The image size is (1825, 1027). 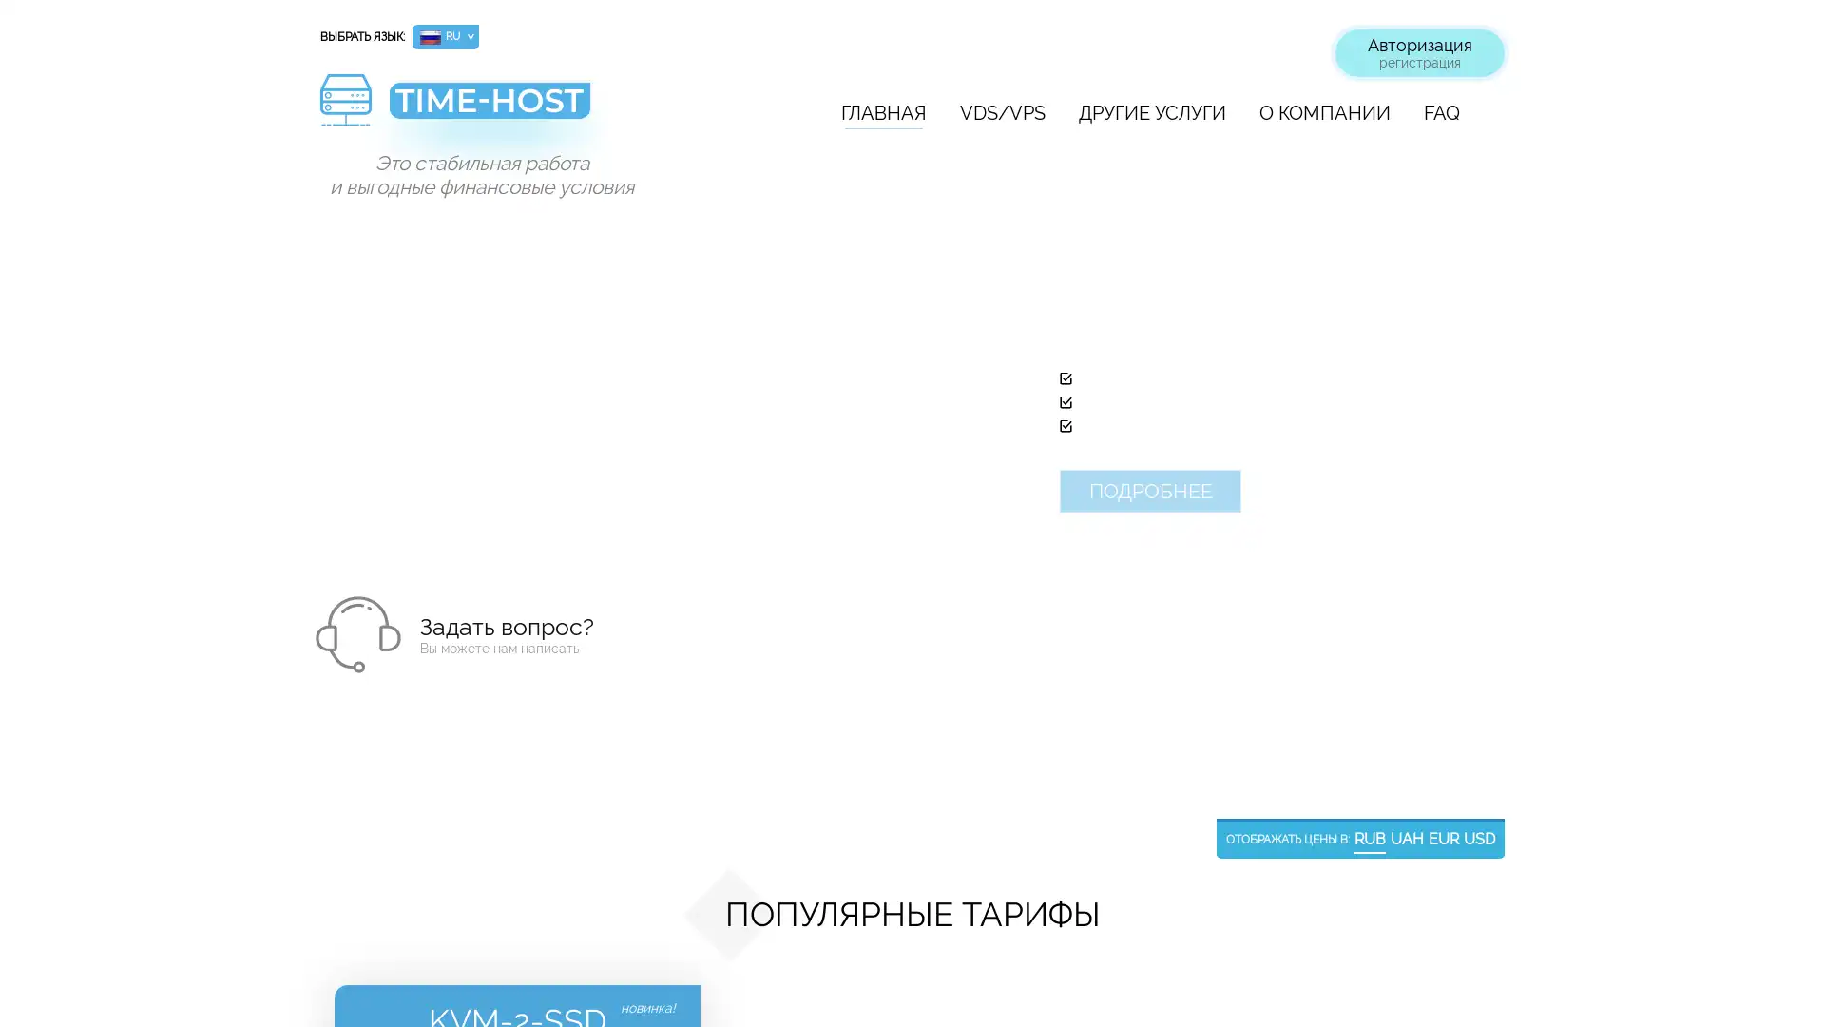 What do you see at coordinates (445, 284) in the screenshot?
I see `sv SV` at bounding box center [445, 284].